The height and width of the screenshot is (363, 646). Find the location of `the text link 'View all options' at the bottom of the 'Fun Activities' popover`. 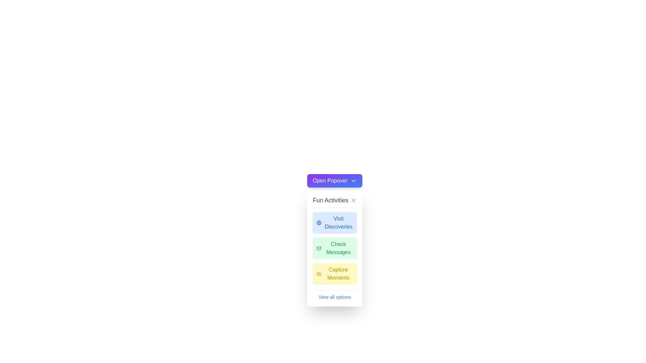

the text link 'View all options' at the bottom of the 'Fun Activities' popover is located at coordinates (334, 295).